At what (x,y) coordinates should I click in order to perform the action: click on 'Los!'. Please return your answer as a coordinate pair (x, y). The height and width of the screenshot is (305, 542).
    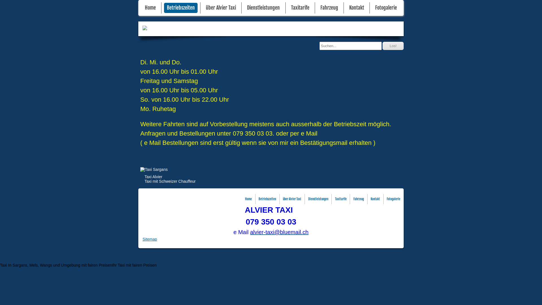
    Looking at the image, I should click on (393, 45).